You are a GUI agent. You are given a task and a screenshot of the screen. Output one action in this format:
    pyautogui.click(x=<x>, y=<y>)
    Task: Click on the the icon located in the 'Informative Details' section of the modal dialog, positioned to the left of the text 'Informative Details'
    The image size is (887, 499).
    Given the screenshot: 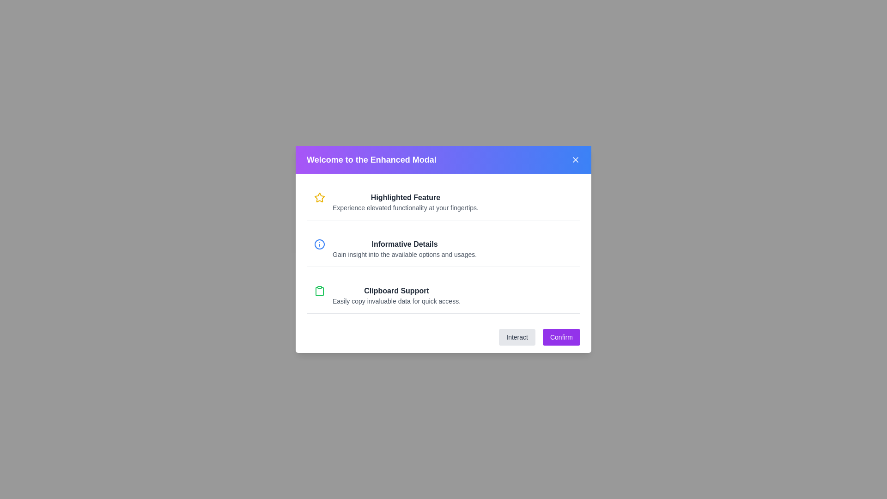 What is the action you would take?
    pyautogui.click(x=319, y=243)
    